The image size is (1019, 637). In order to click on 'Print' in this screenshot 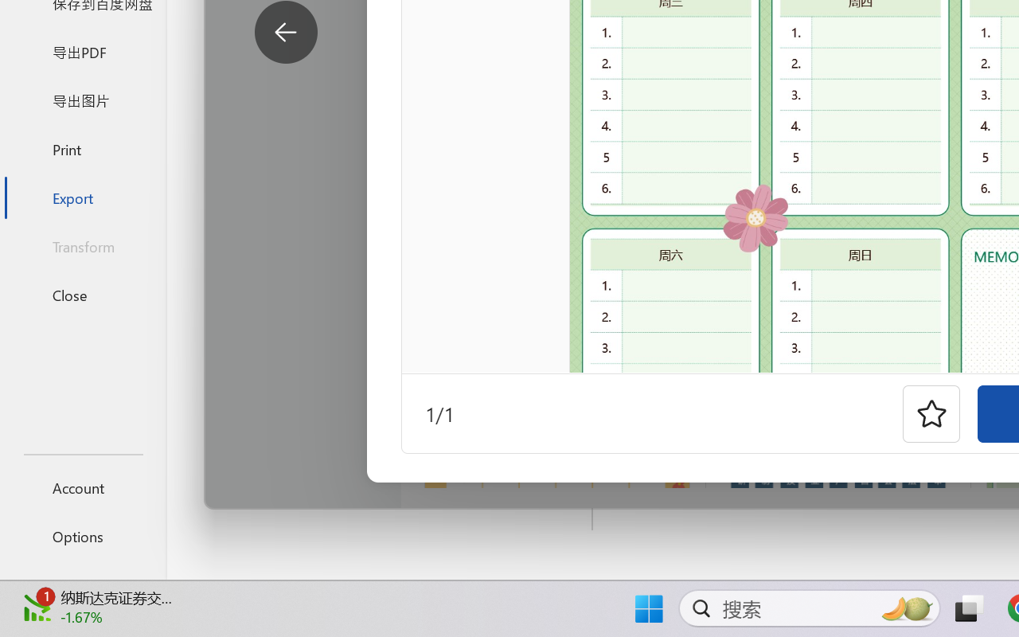, I will do `click(82, 148)`.